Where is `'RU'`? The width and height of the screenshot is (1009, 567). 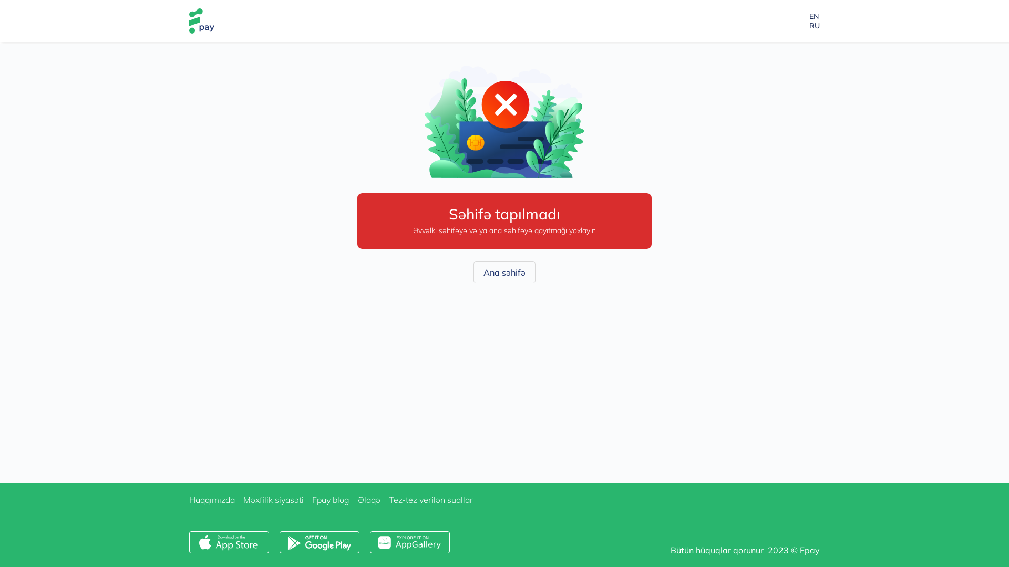 'RU' is located at coordinates (809, 25).